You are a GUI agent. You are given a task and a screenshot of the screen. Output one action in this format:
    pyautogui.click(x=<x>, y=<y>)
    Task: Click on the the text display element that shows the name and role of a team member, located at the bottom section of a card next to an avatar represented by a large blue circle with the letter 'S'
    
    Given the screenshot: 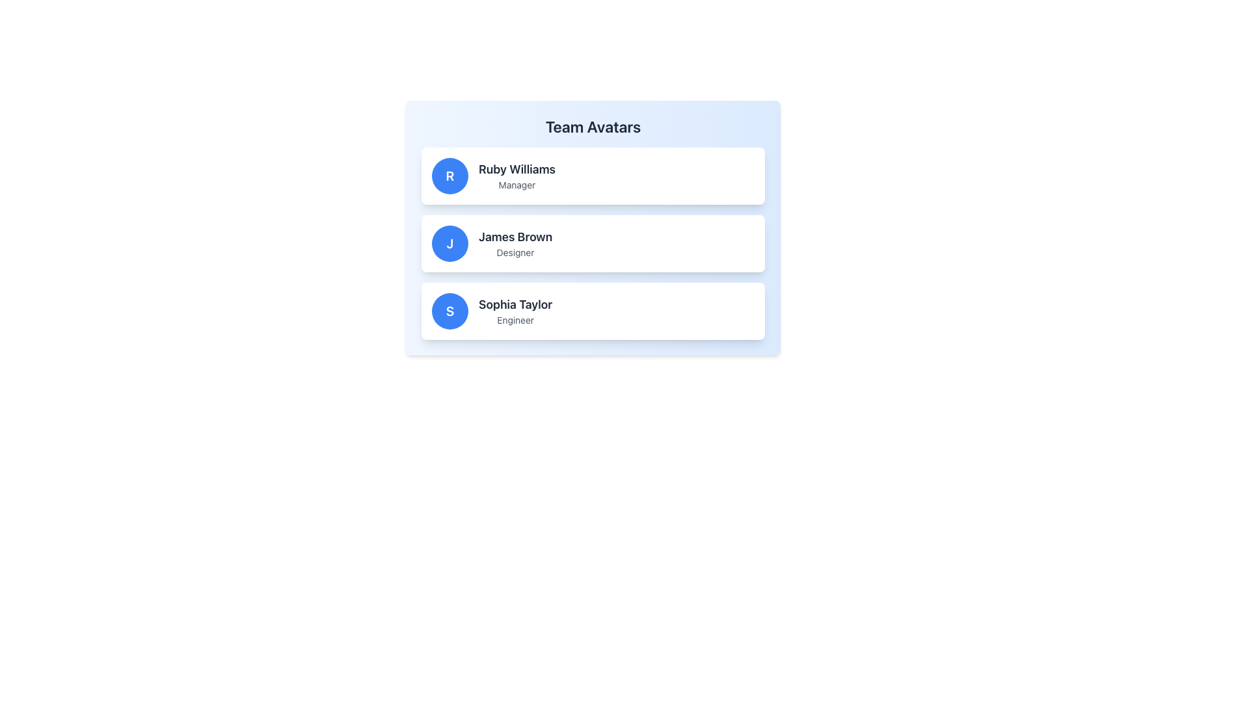 What is the action you would take?
    pyautogui.click(x=515, y=311)
    